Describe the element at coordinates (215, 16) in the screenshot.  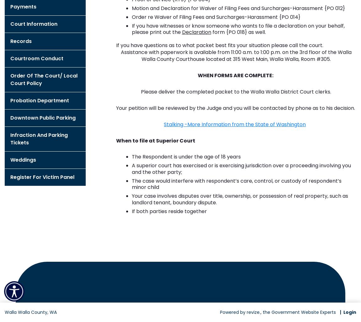
I see `'Order re Waiver of Filing Fees and Surcharges-Harassment {PO 014}'` at that location.